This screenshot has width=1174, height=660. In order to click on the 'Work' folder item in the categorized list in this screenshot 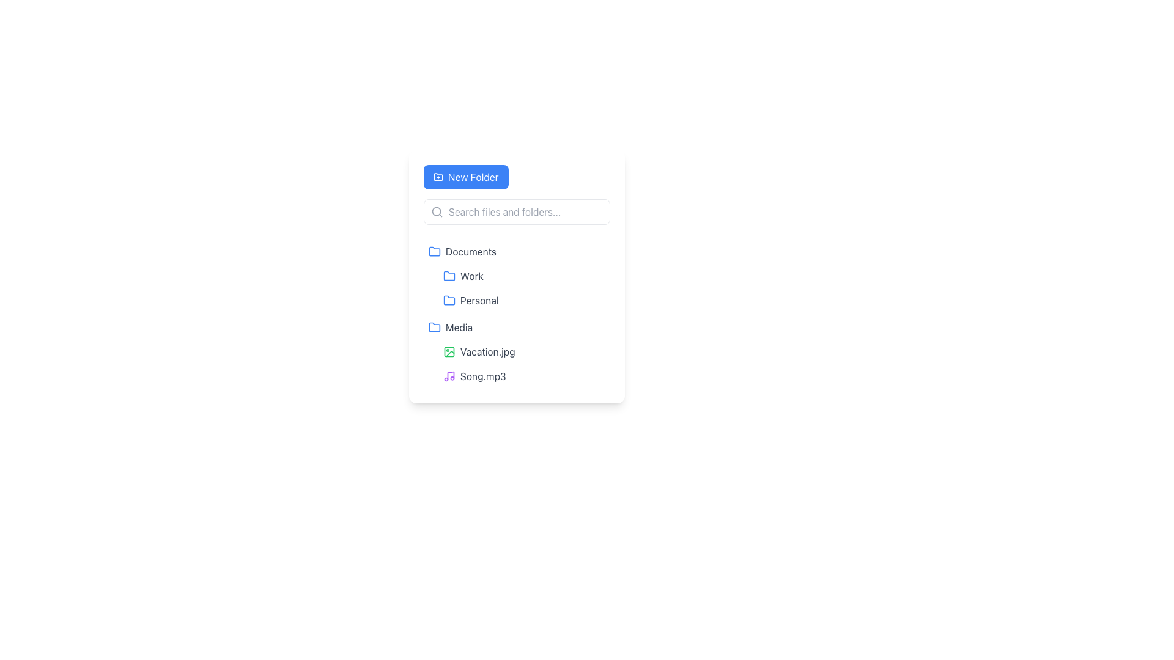, I will do `click(524, 276)`.